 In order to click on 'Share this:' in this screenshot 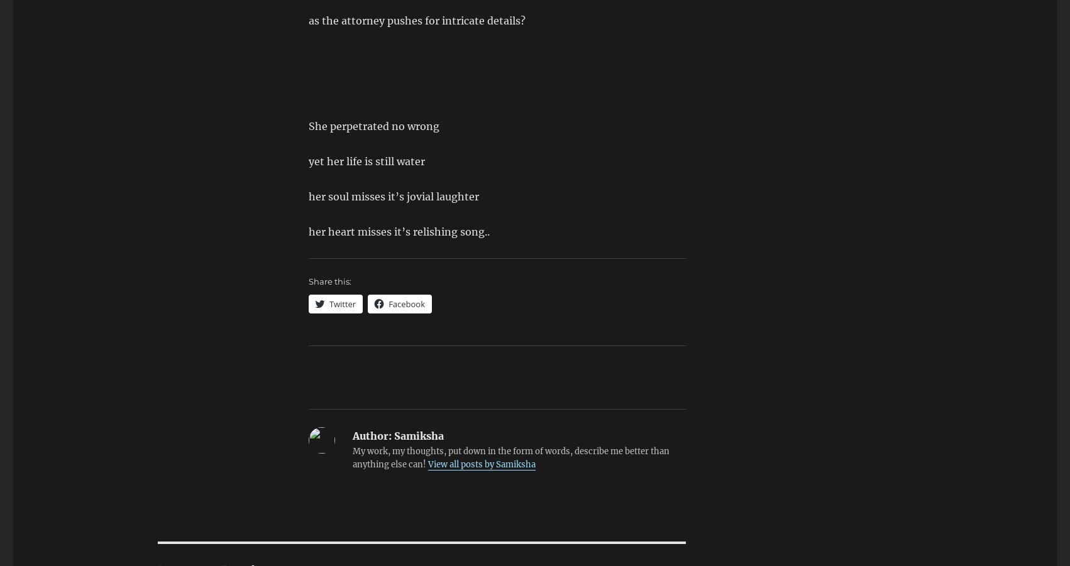, I will do `click(329, 280)`.